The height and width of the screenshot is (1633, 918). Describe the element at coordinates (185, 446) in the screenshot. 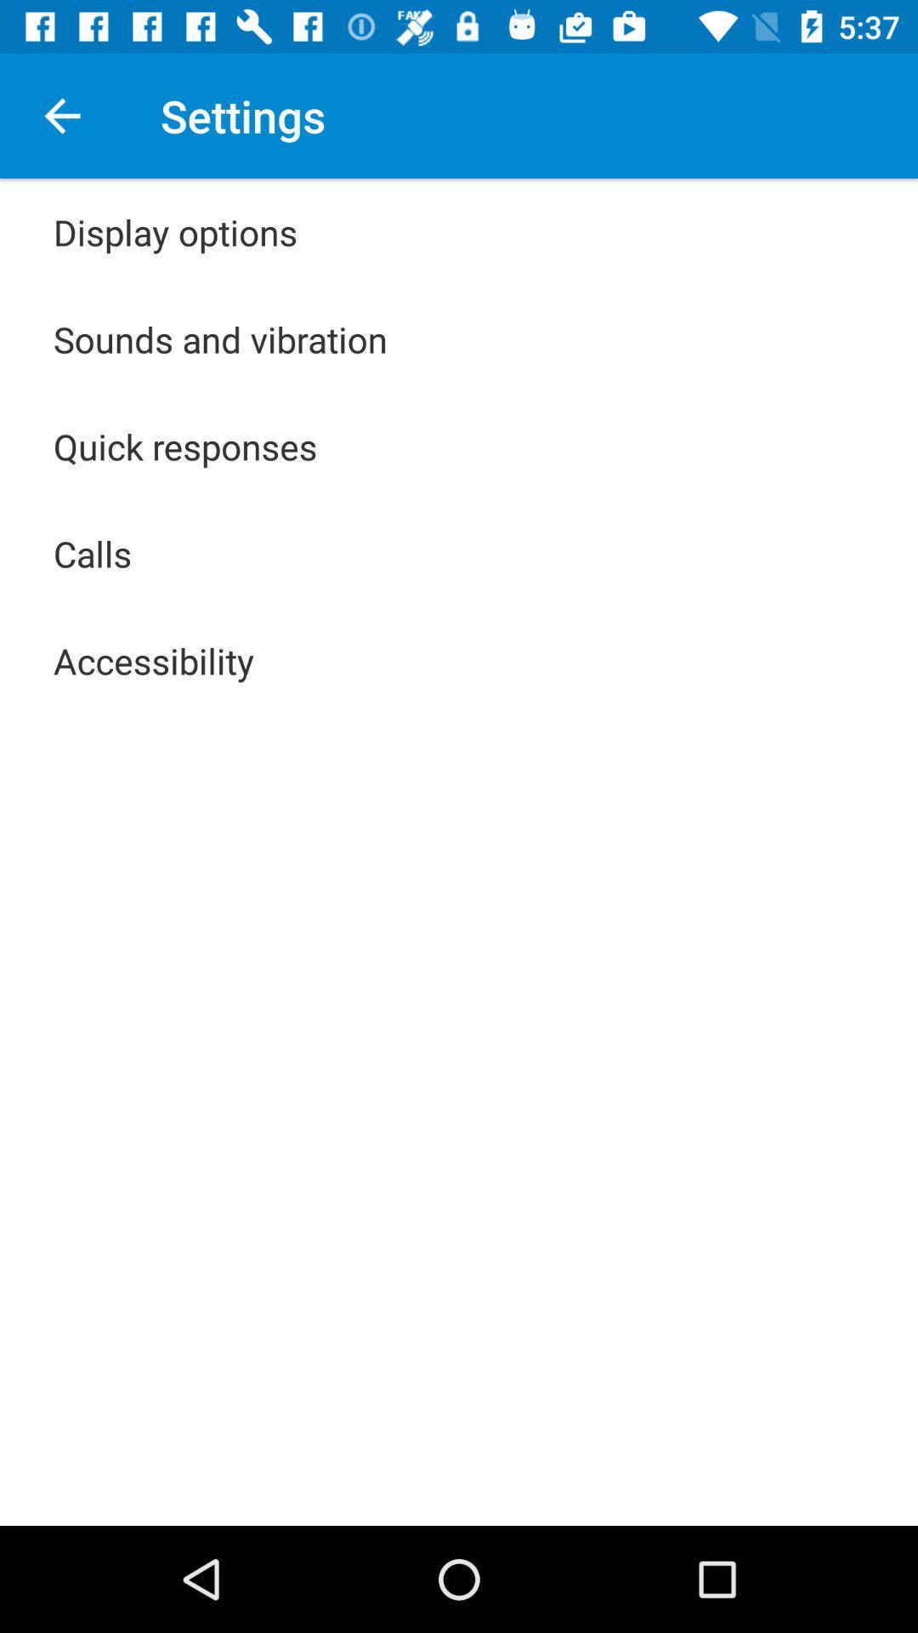

I see `icon above the calls icon` at that location.